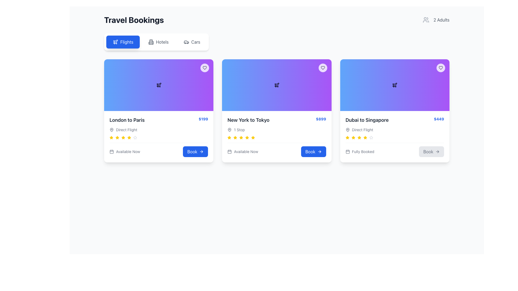 This screenshot has height=291, width=518. I want to click on the visual state of the third star icon used for rating in the 'New York to Tokyo' section, which is part of a horizontal layout of star graphics, so click(353, 137).